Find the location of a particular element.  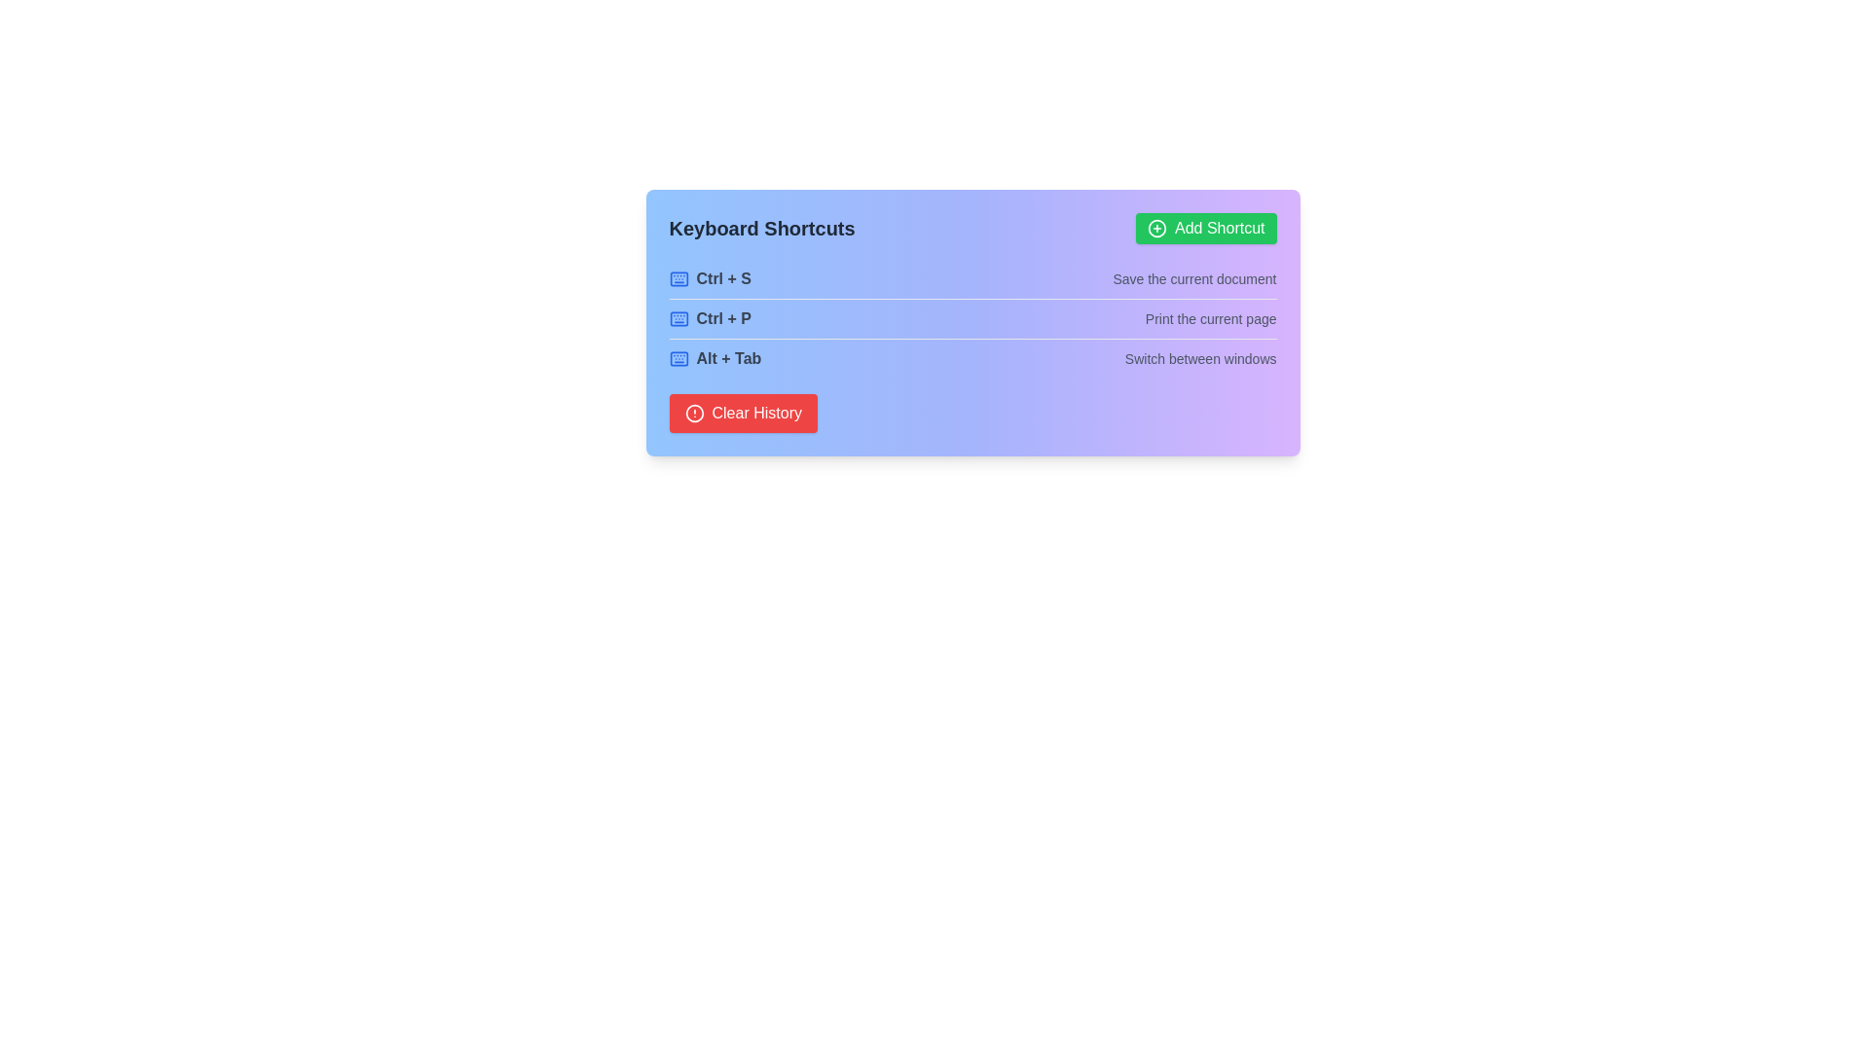

the text label that describes the function of the 'Ctrl + S' keyboard shortcut, which is to save the current document is located at coordinates (1193, 278).